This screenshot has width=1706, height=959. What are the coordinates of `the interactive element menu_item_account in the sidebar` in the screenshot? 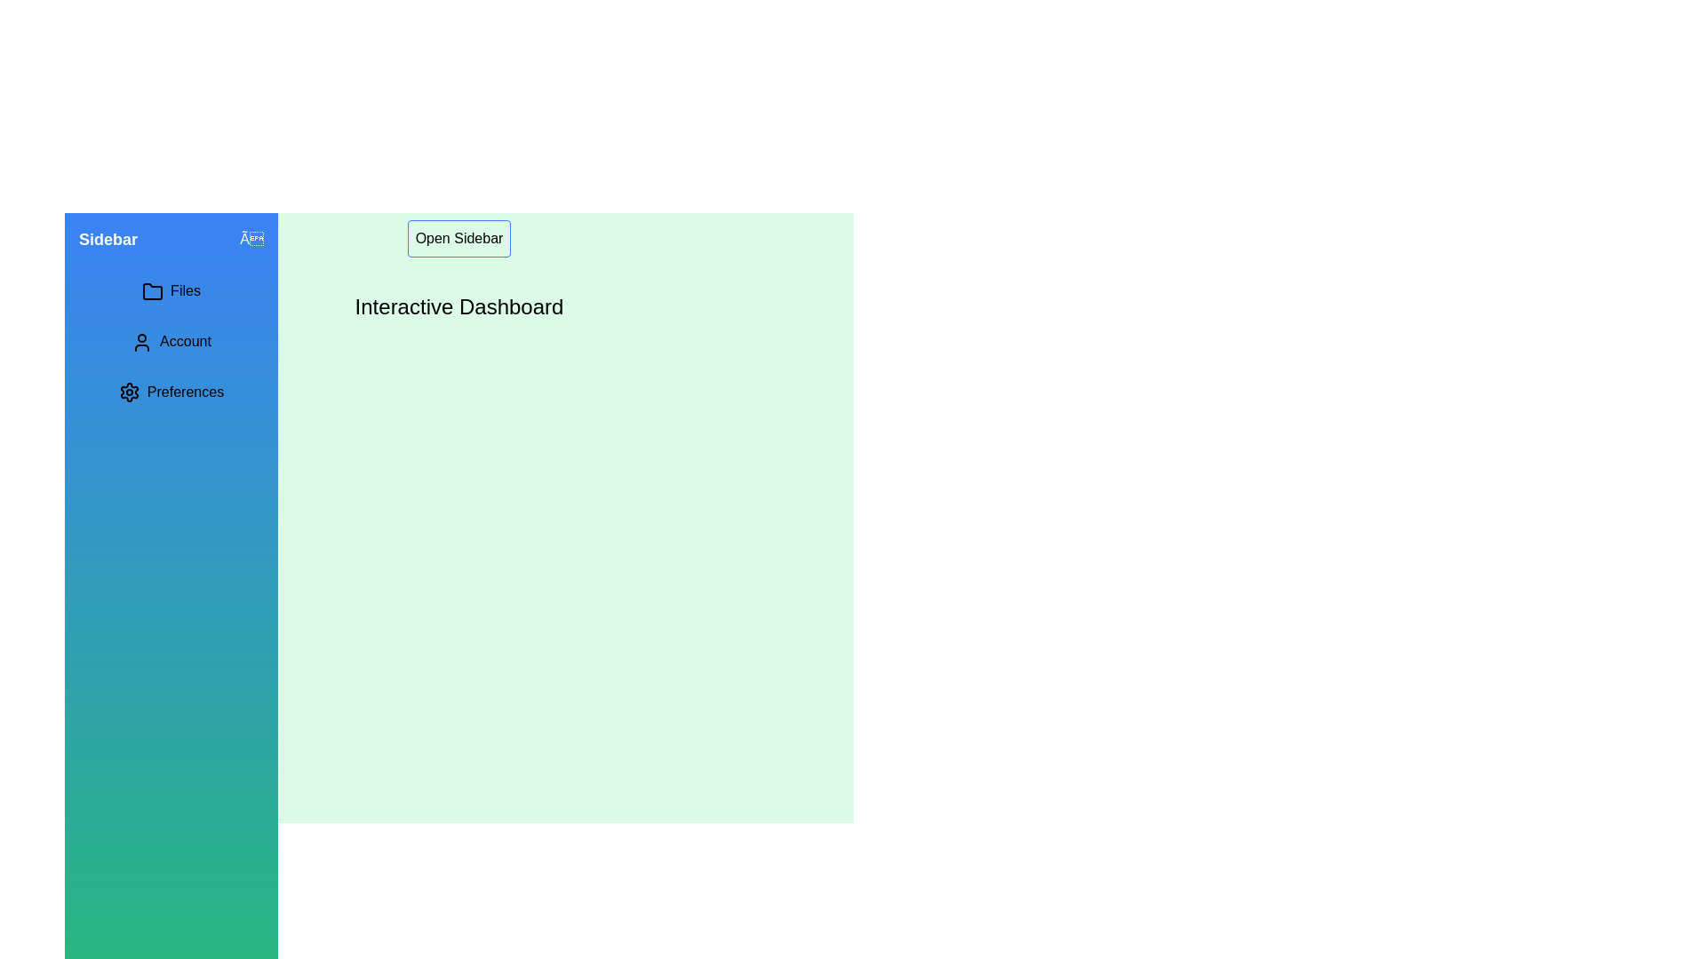 It's located at (171, 342).